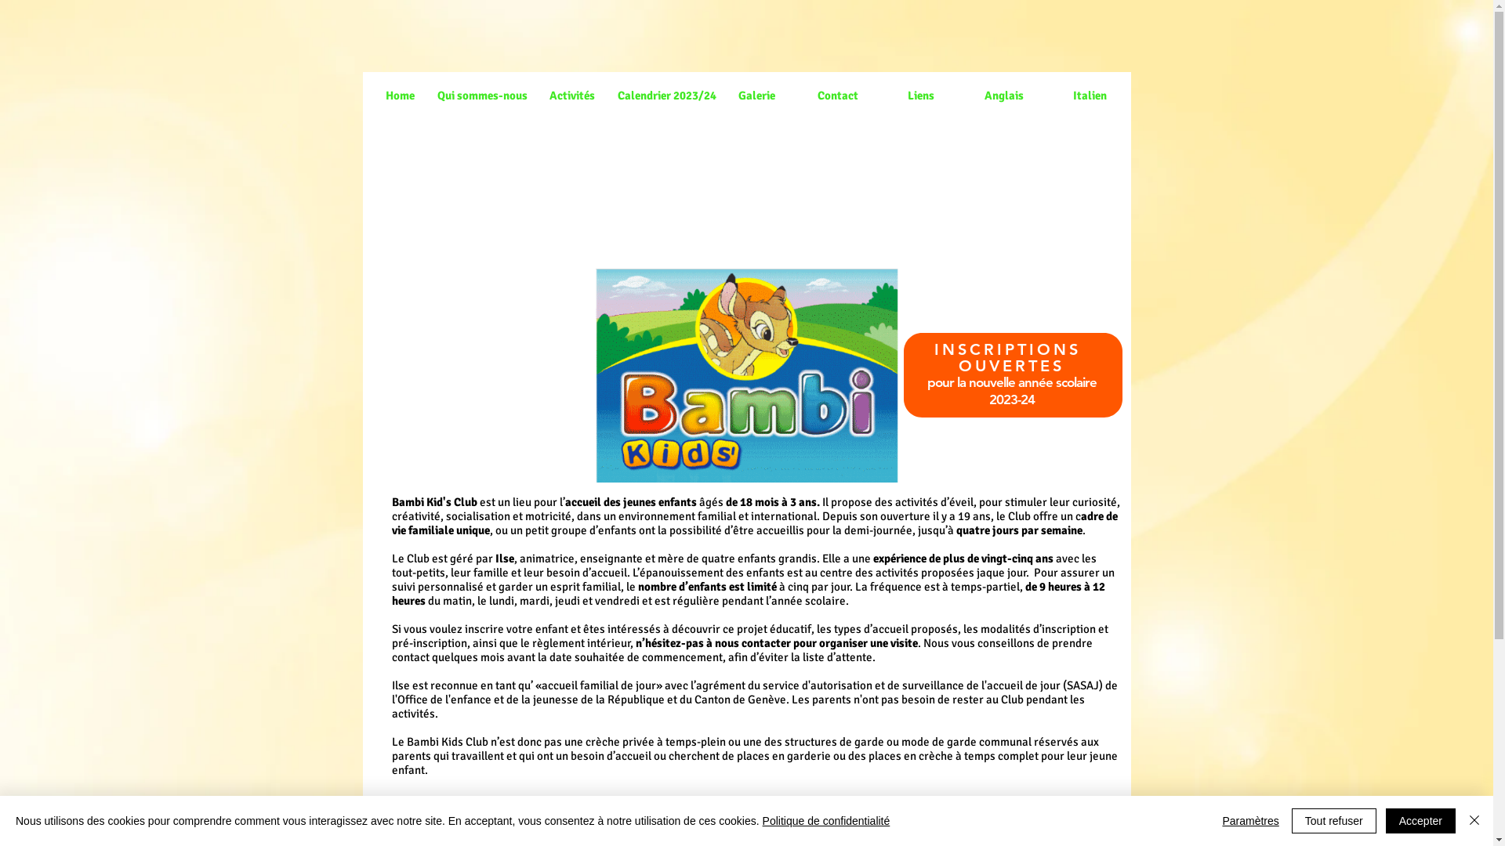 This screenshot has height=846, width=1505. I want to click on 'Accepter', so click(1420, 820).